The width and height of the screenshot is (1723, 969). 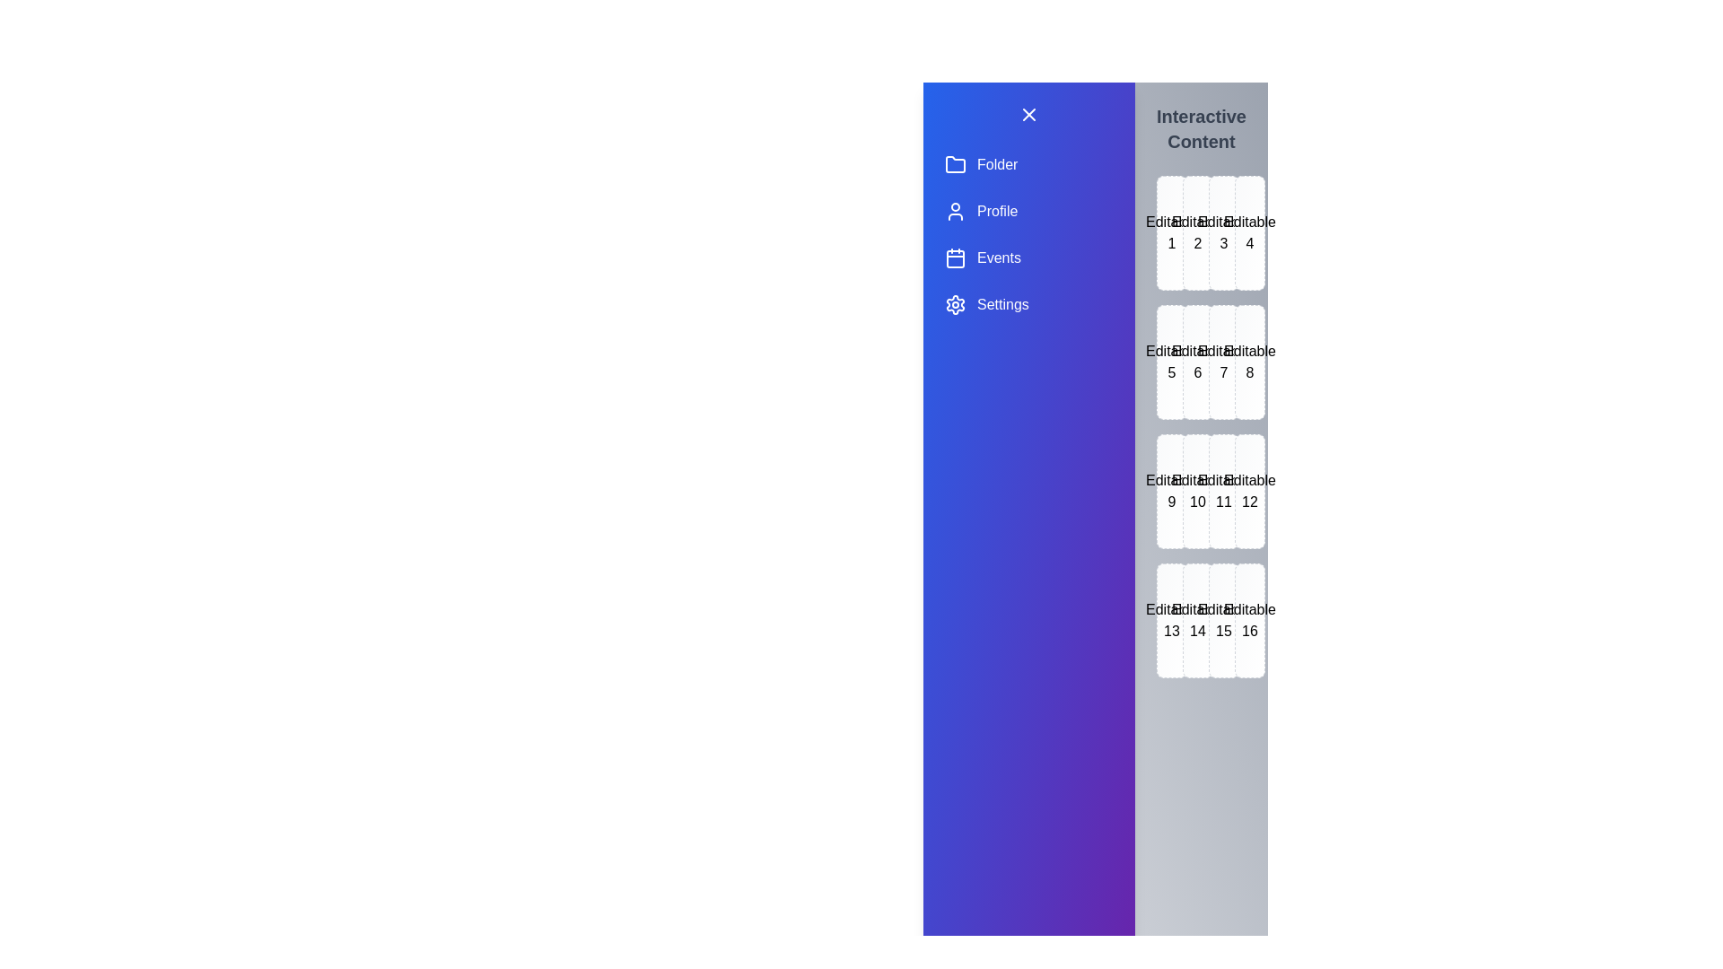 What do you see at coordinates (1029, 165) in the screenshot?
I see `the Folder section in the drawer menu` at bounding box center [1029, 165].